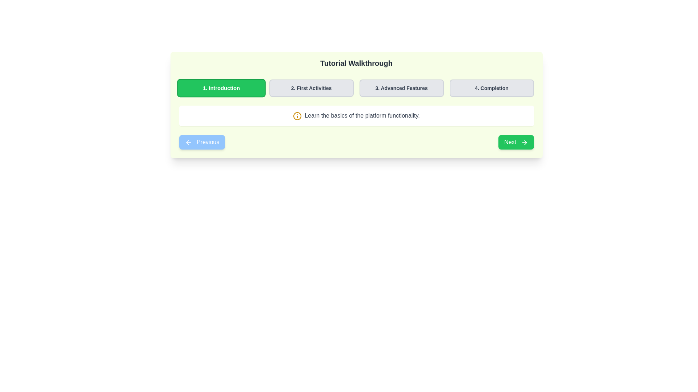  I want to click on the 'Previous' button, which is a rectangular button with rounded corners, a blue background, and white text, located to the left of the 'Next' button, so click(202, 142).